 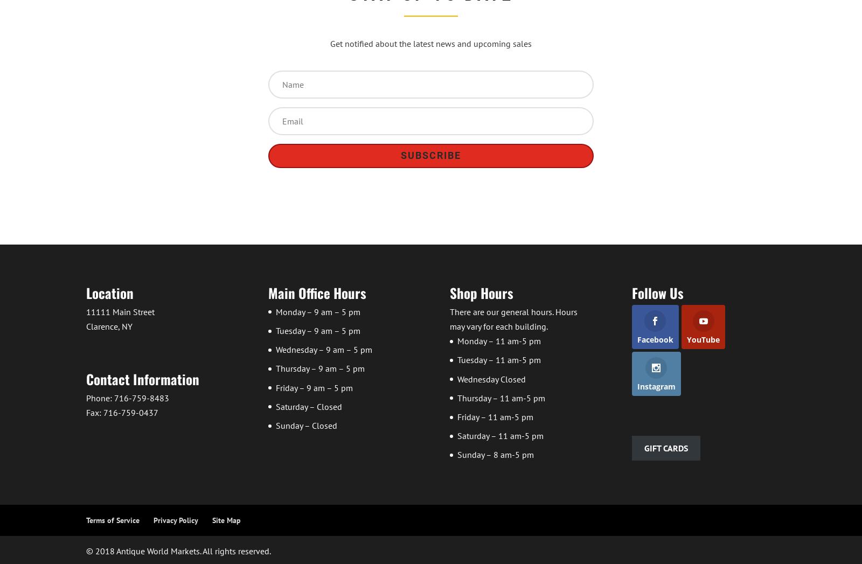 What do you see at coordinates (317, 330) in the screenshot?
I see `'Tuesday – 9 am – 5 pm'` at bounding box center [317, 330].